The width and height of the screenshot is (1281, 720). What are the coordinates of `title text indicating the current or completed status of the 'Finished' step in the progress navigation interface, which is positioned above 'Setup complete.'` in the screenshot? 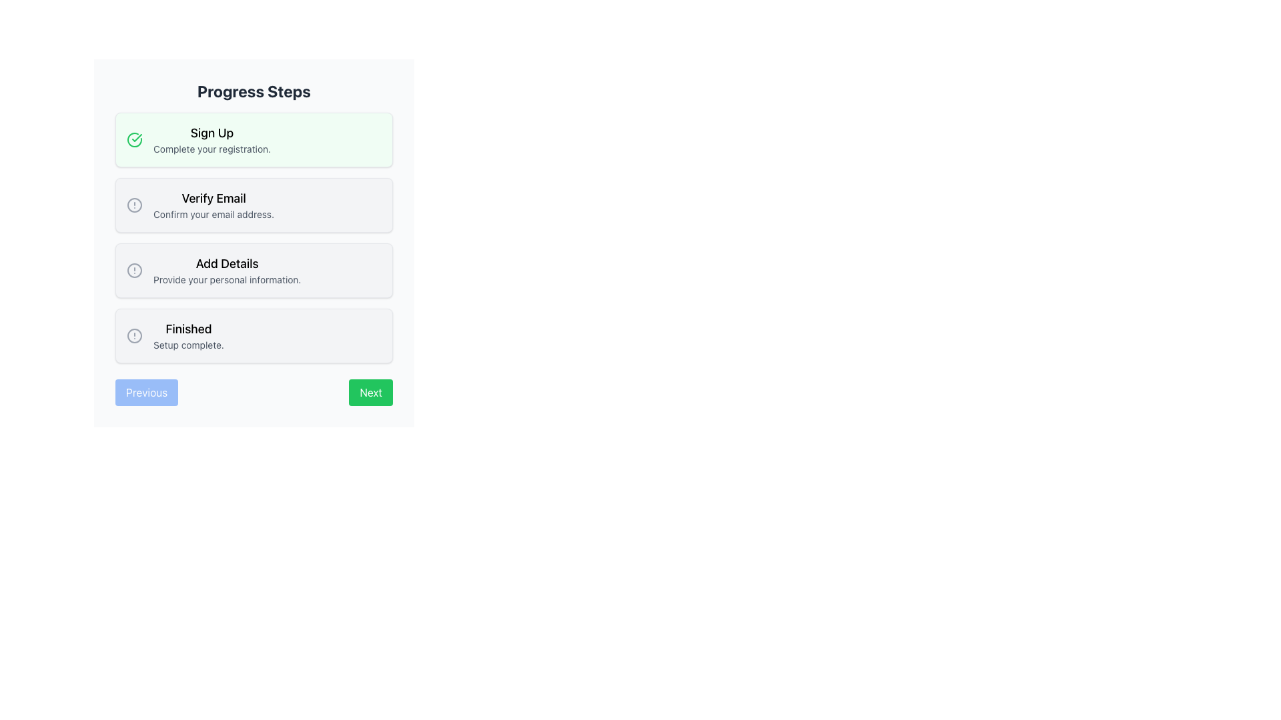 It's located at (188, 329).